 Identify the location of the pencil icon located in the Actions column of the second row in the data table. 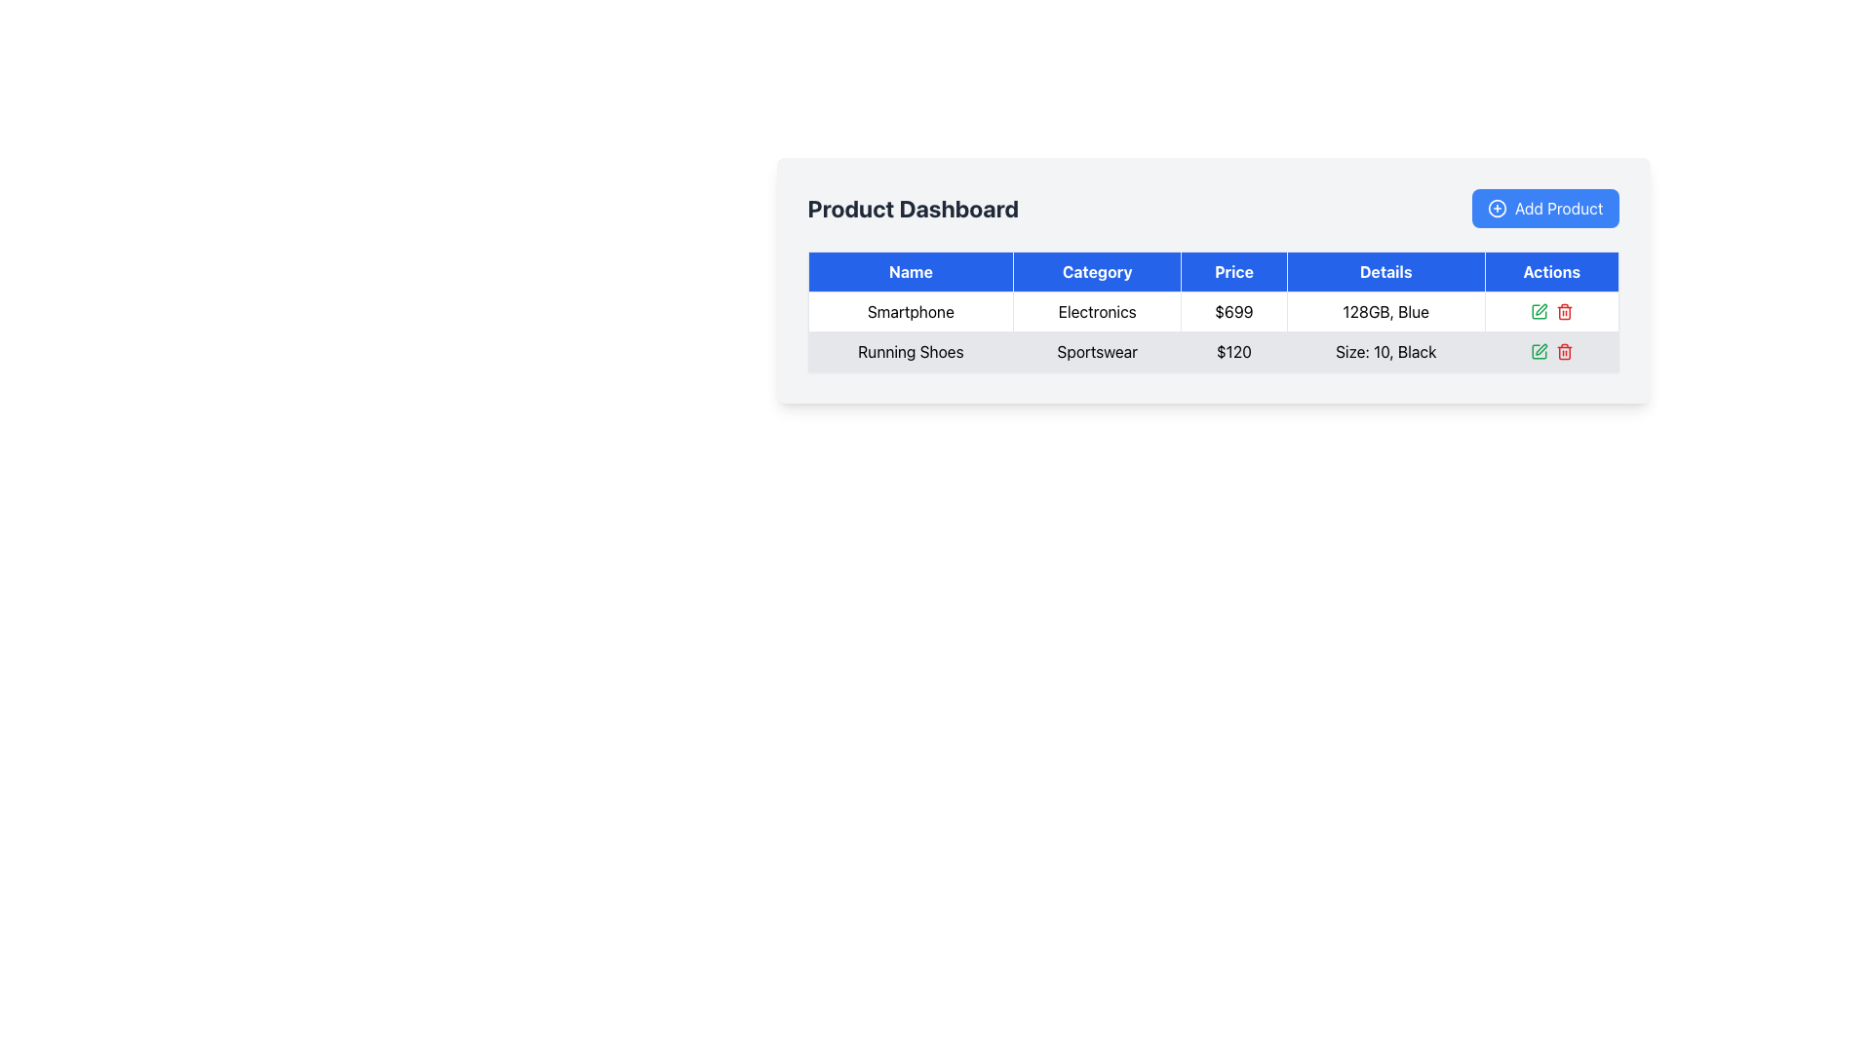
(1539, 348).